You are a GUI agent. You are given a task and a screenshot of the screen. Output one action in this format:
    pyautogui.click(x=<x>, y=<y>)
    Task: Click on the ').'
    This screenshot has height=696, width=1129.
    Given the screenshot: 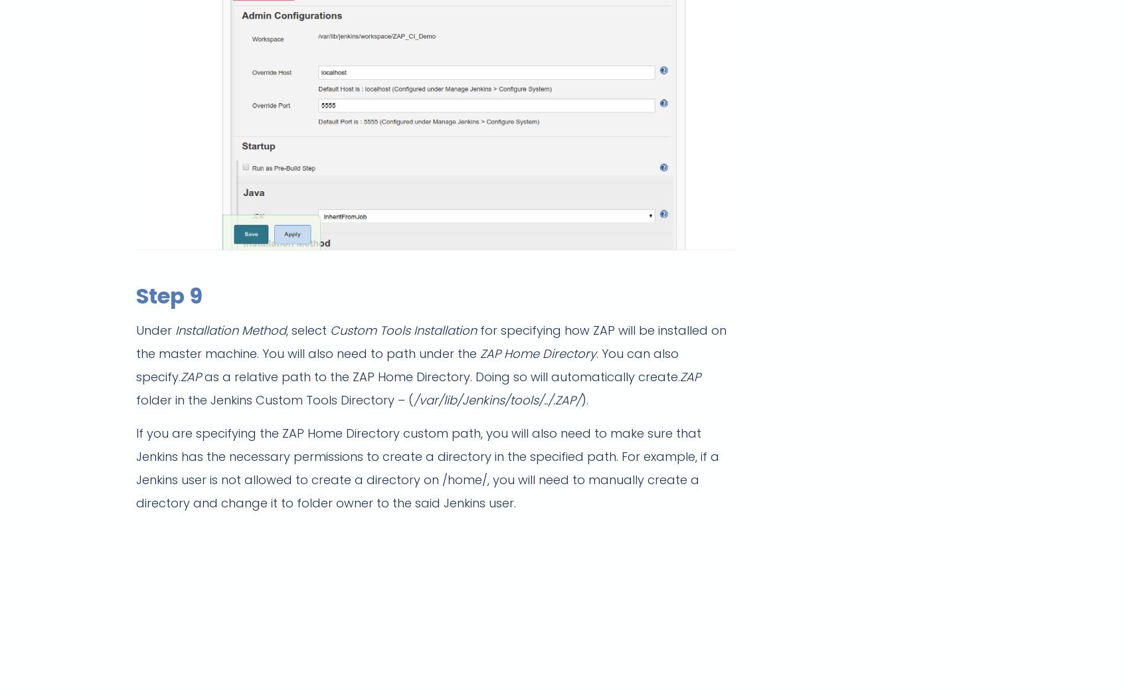 What is the action you would take?
    pyautogui.click(x=584, y=400)
    